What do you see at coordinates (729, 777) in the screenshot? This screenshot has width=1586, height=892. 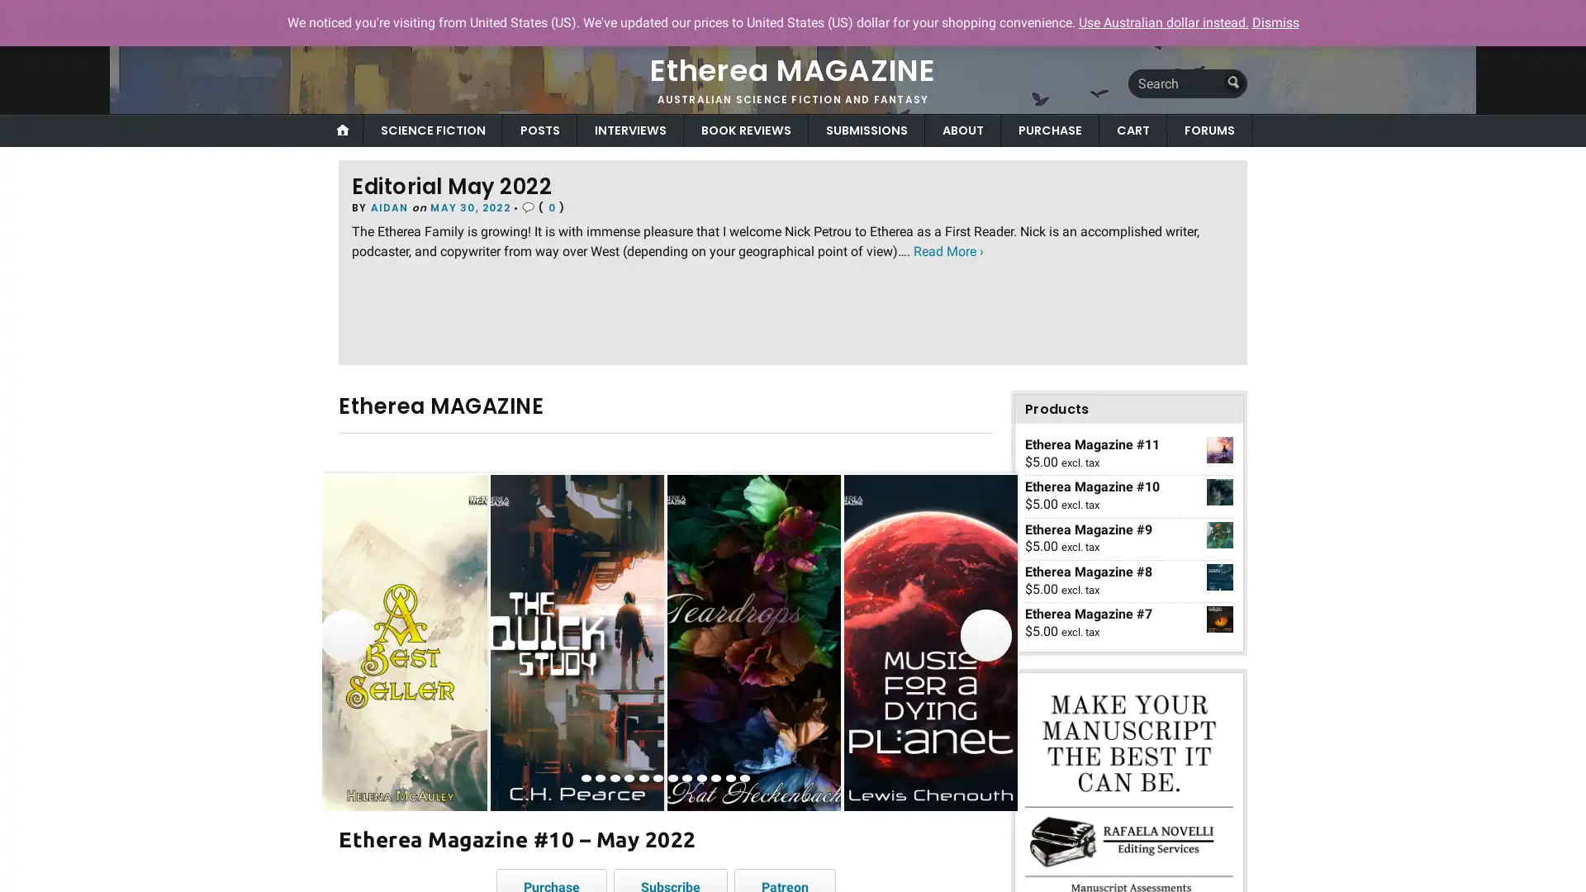 I see `view image 11 of 12 in carousel` at bounding box center [729, 777].